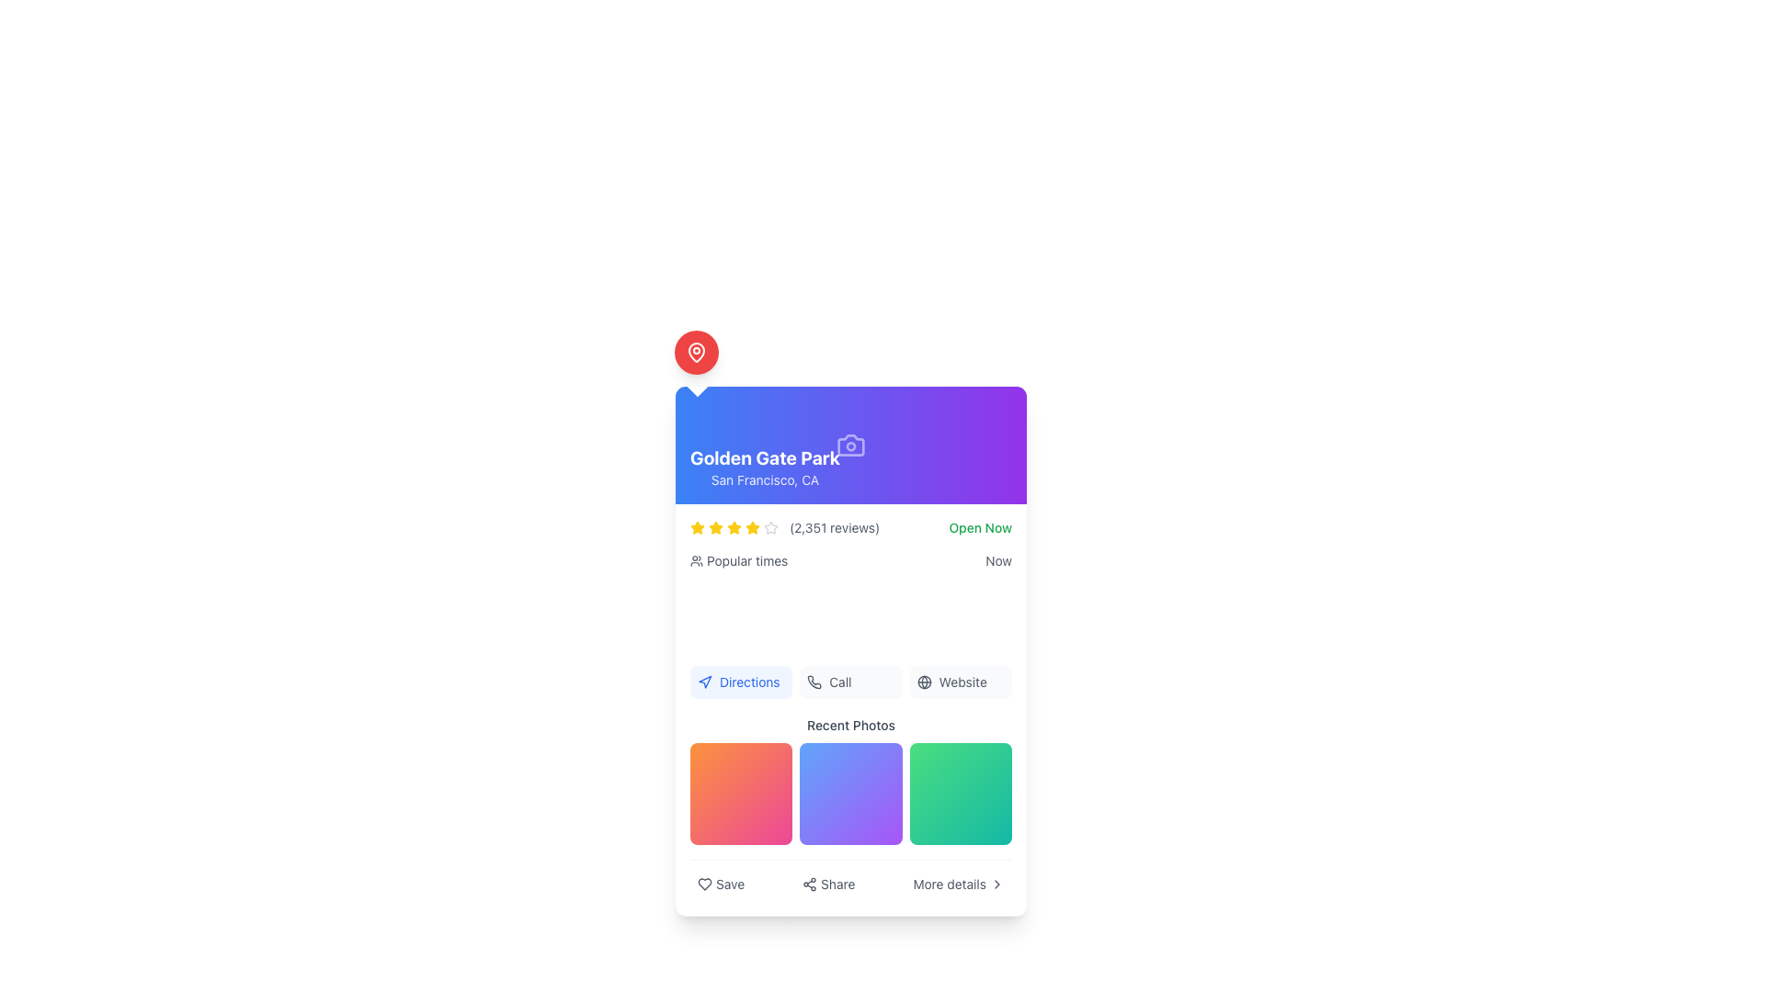 Image resolution: width=1765 pixels, height=992 pixels. What do you see at coordinates (950, 884) in the screenshot?
I see `the informational text label located` at bounding box center [950, 884].